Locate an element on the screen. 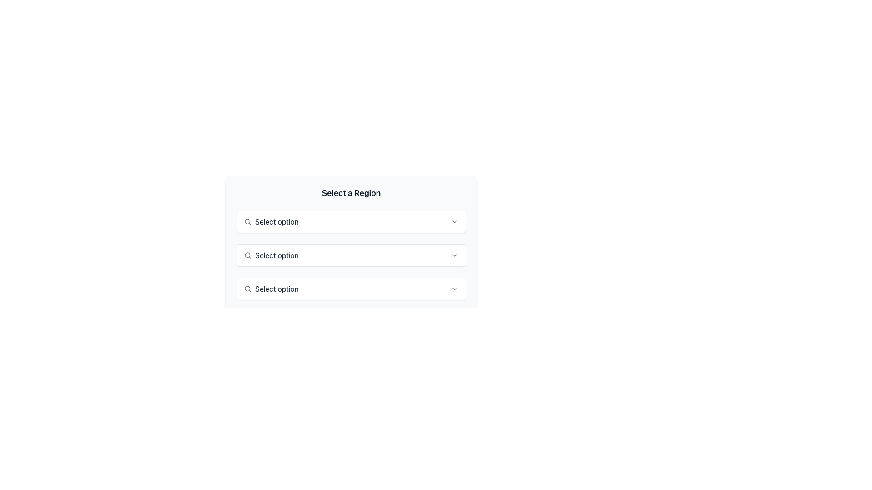  the first dropdown menu in the 'Select a Region' panel is located at coordinates (351, 222).